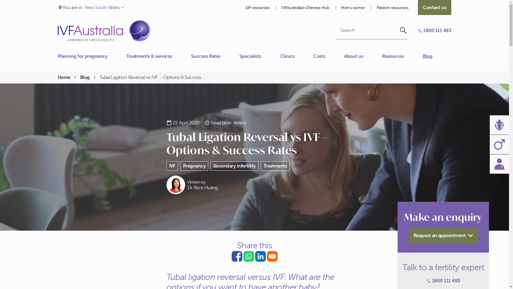  What do you see at coordinates (194, 166) in the screenshot?
I see `'Pregnancy'` at bounding box center [194, 166].